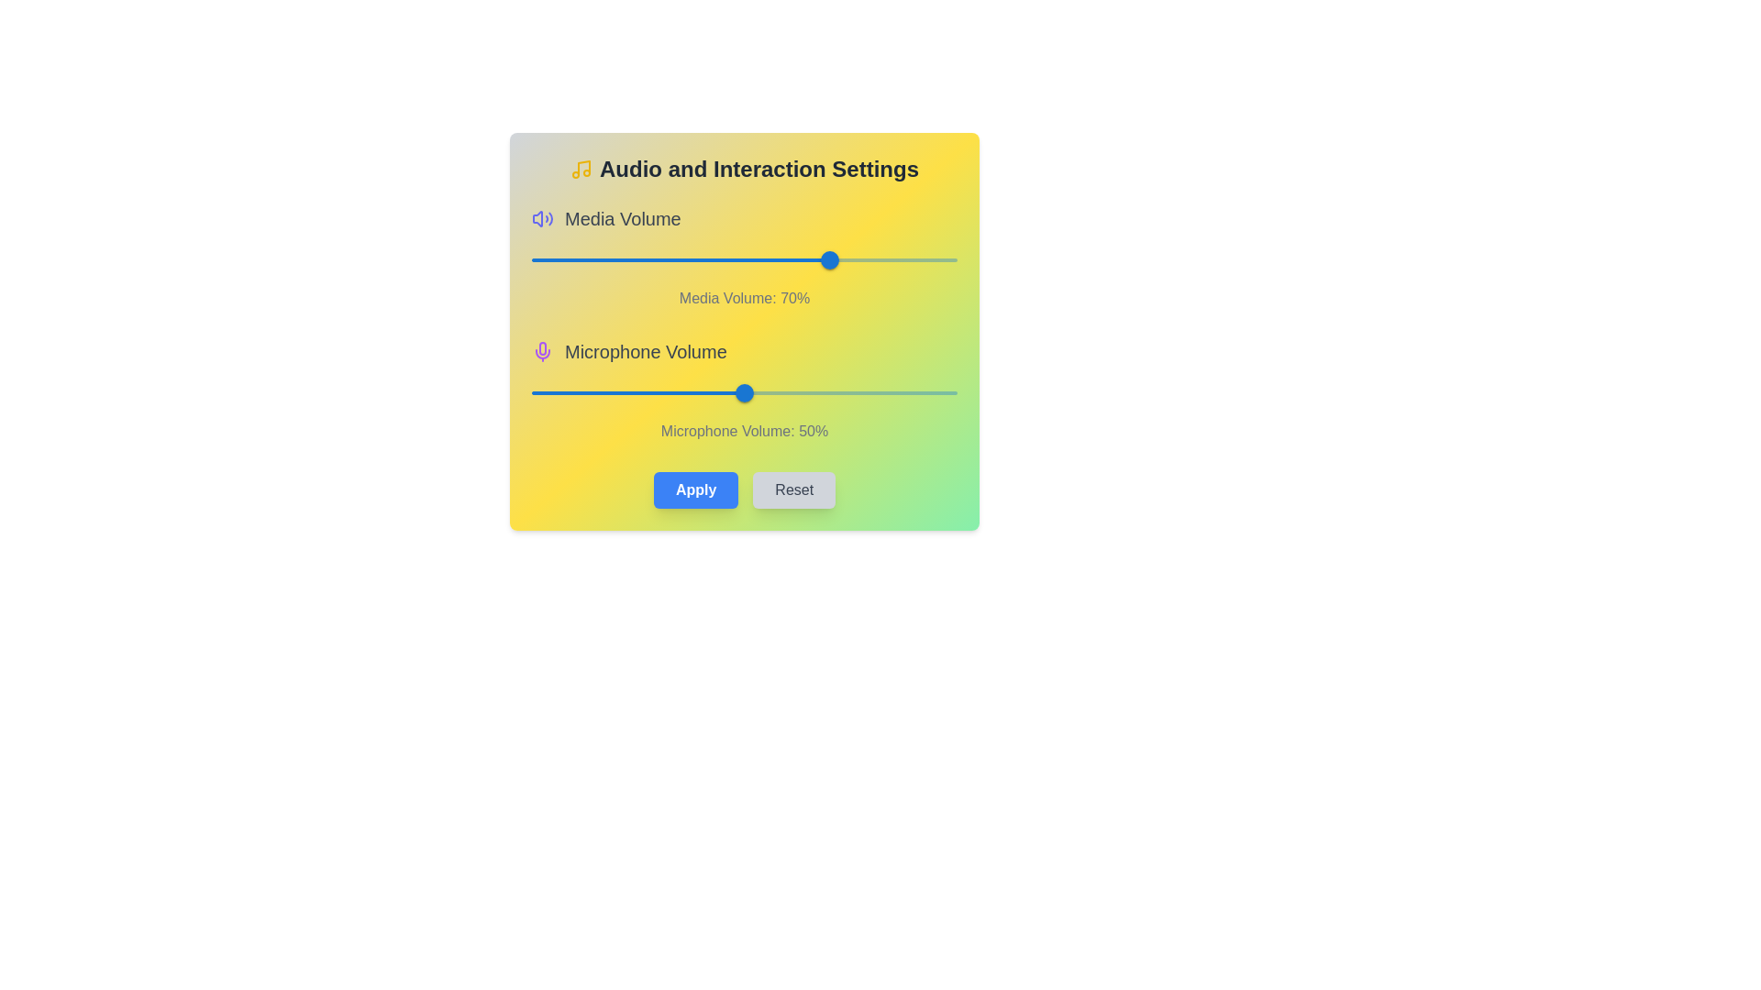  I want to click on the red slider rail of the 'Media Volume' component located in the upper section of the settings interface, so click(744, 260).